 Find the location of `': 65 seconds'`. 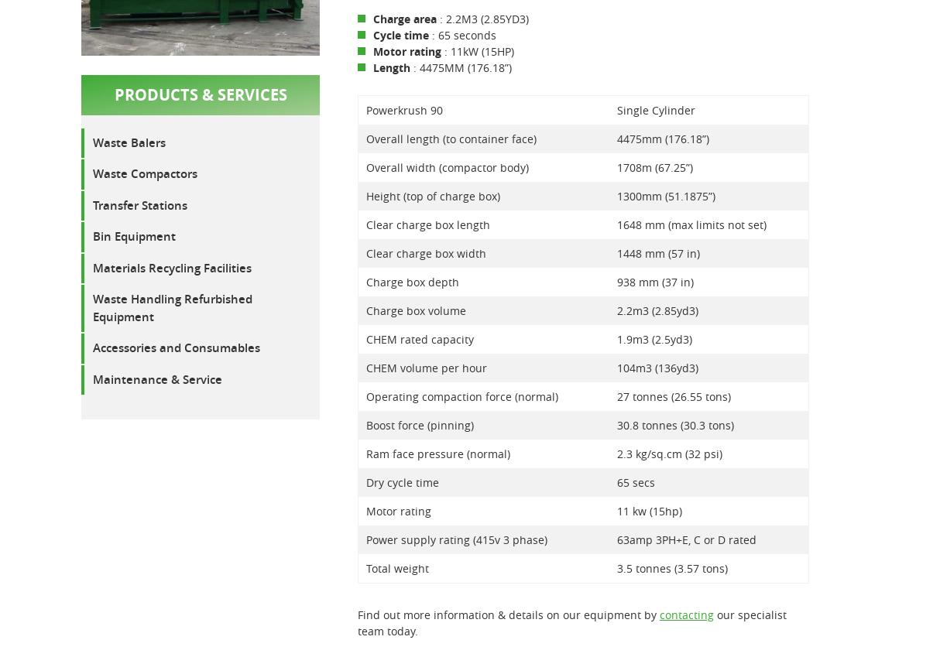

': 65 seconds' is located at coordinates (461, 33).